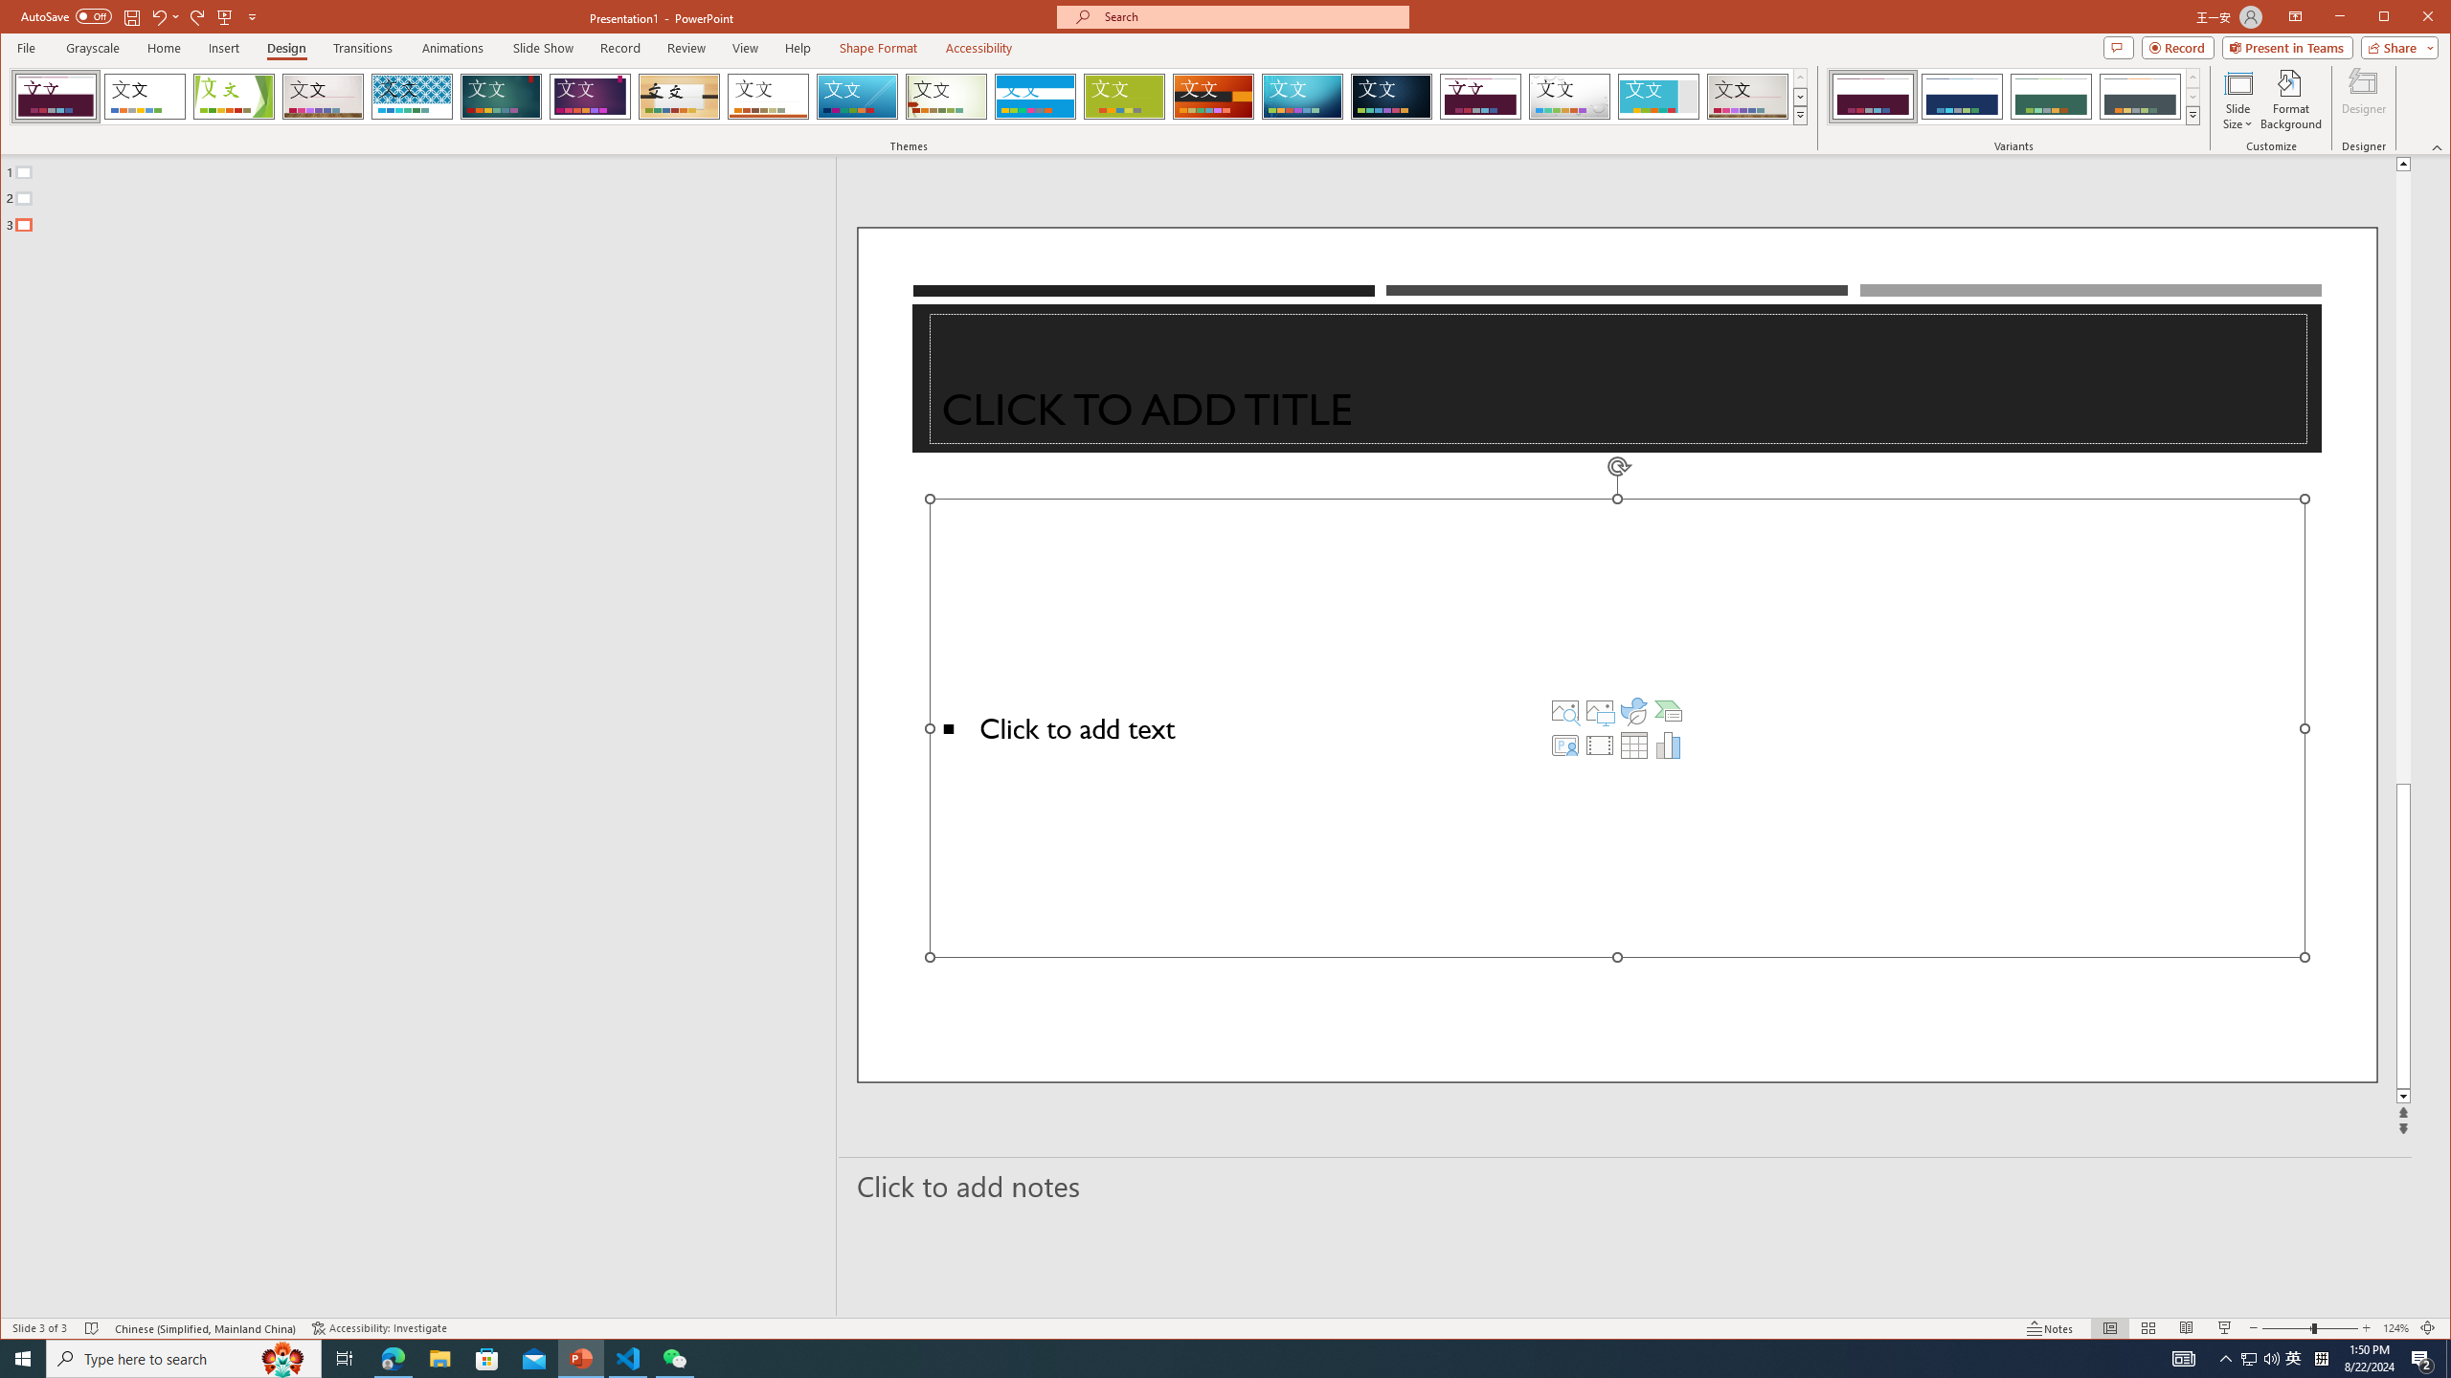  What do you see at coordinates (1634, 710) in the screenshot?
I see `'Insert an Icon'` at bounding box center [1634, 710].